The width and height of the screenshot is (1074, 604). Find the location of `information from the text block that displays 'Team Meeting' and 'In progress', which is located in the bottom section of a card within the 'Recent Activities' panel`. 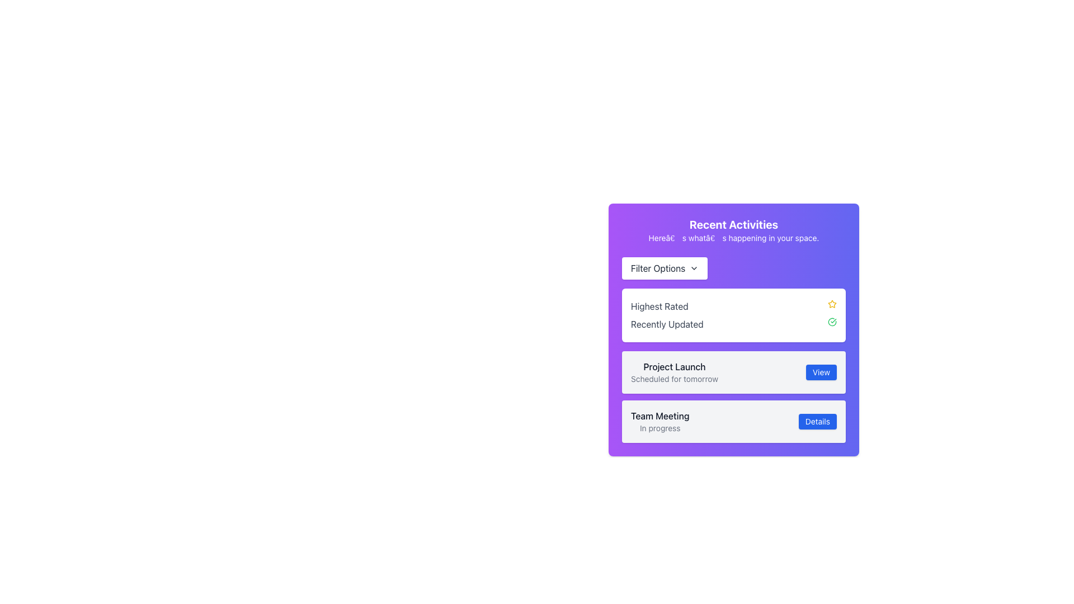

information from the text block that displays 'Team Meeting' and 'In progress', which is located in the bottom section of a card within the 'Recent Activities' panel is located at coordinates (660, 421).